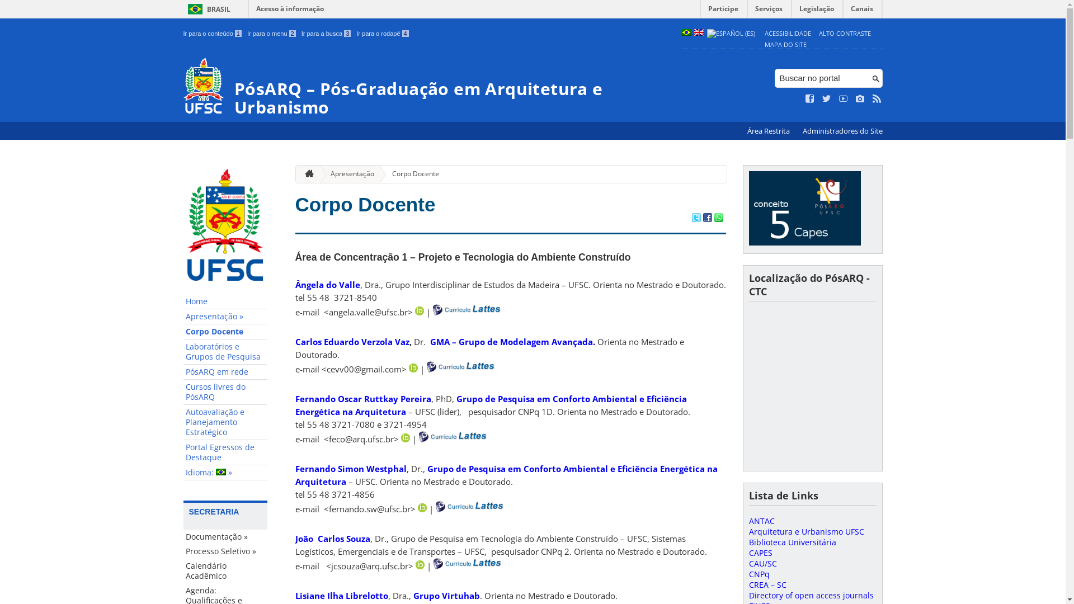  Describe the element at coordinates (859, 98) in the screenshot. I see `'Veja no Instagram'` at that location.